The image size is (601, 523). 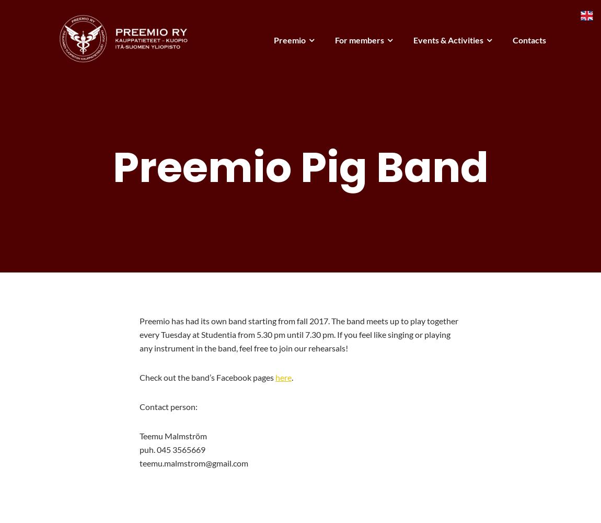 I want to click on 'Teemu Malmström', so click(x=138, y=435).